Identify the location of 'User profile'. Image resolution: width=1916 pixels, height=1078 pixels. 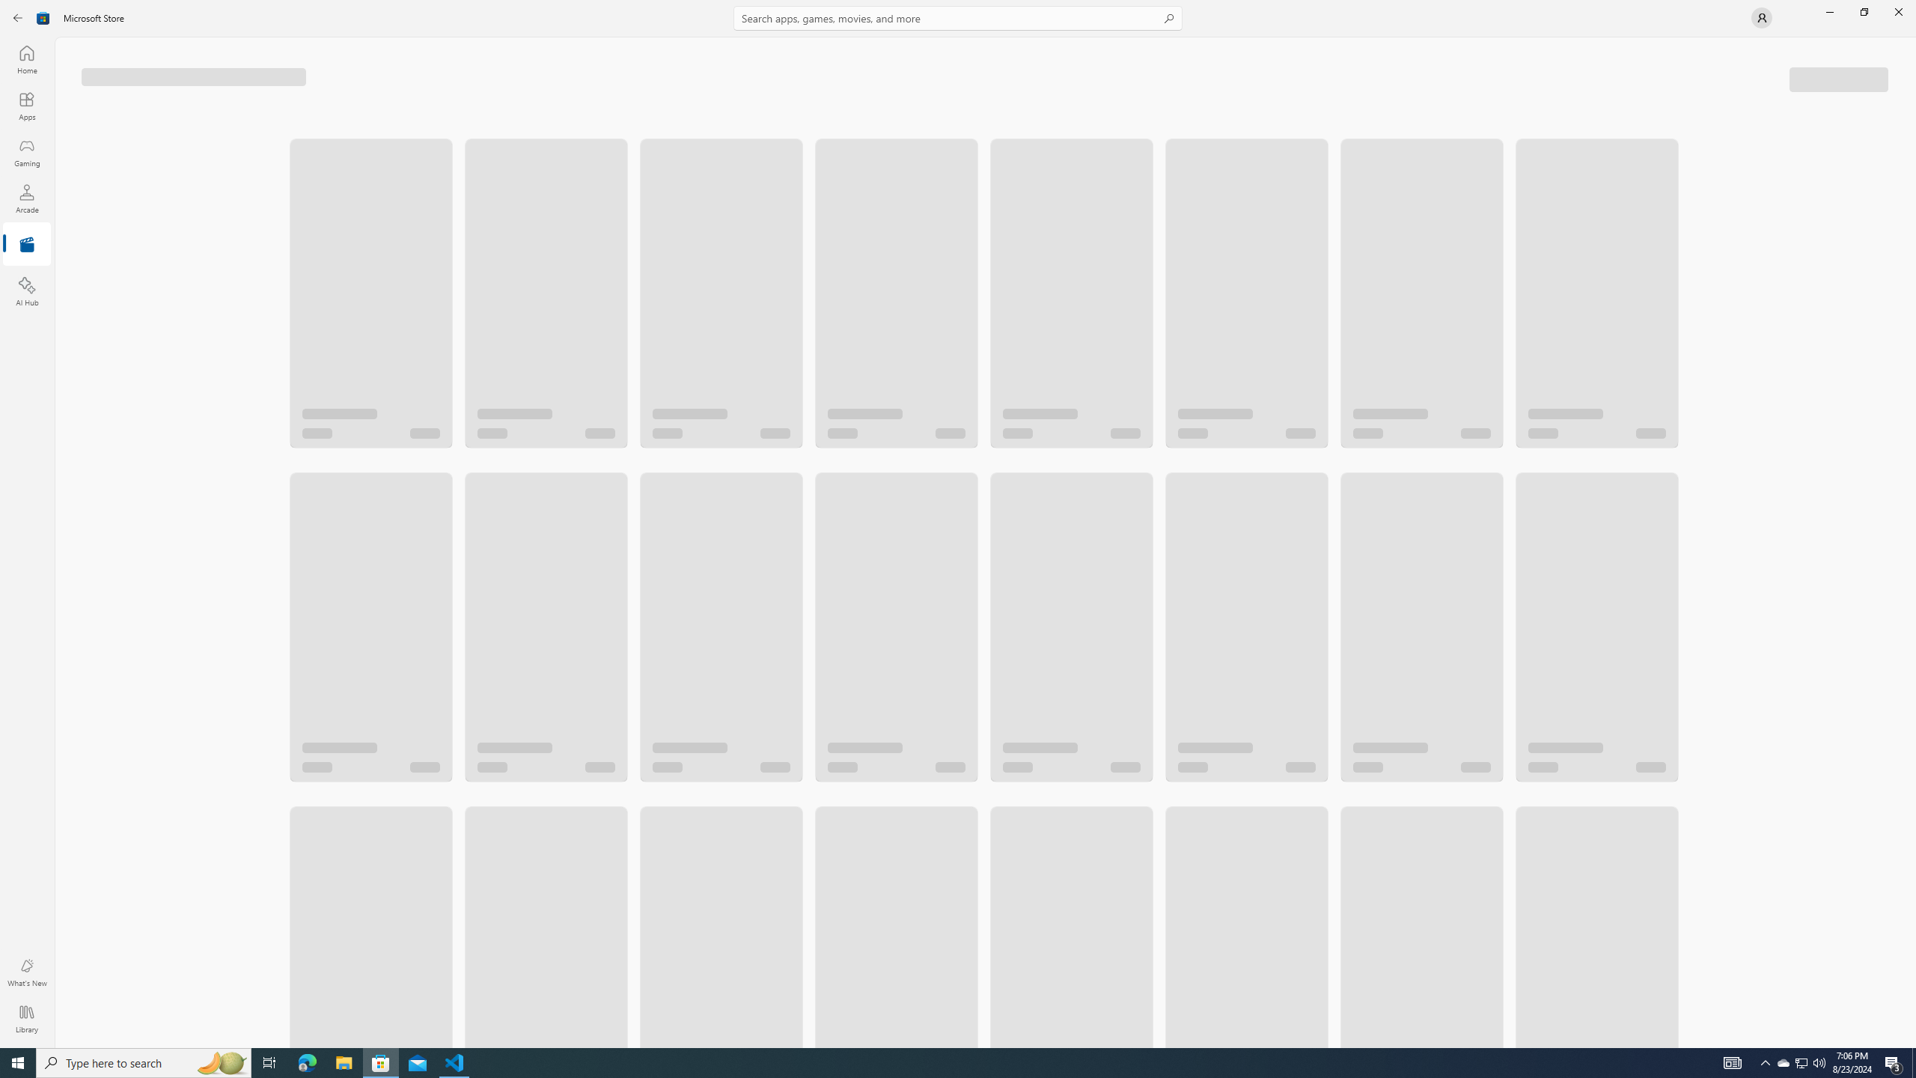
(1760, 16).